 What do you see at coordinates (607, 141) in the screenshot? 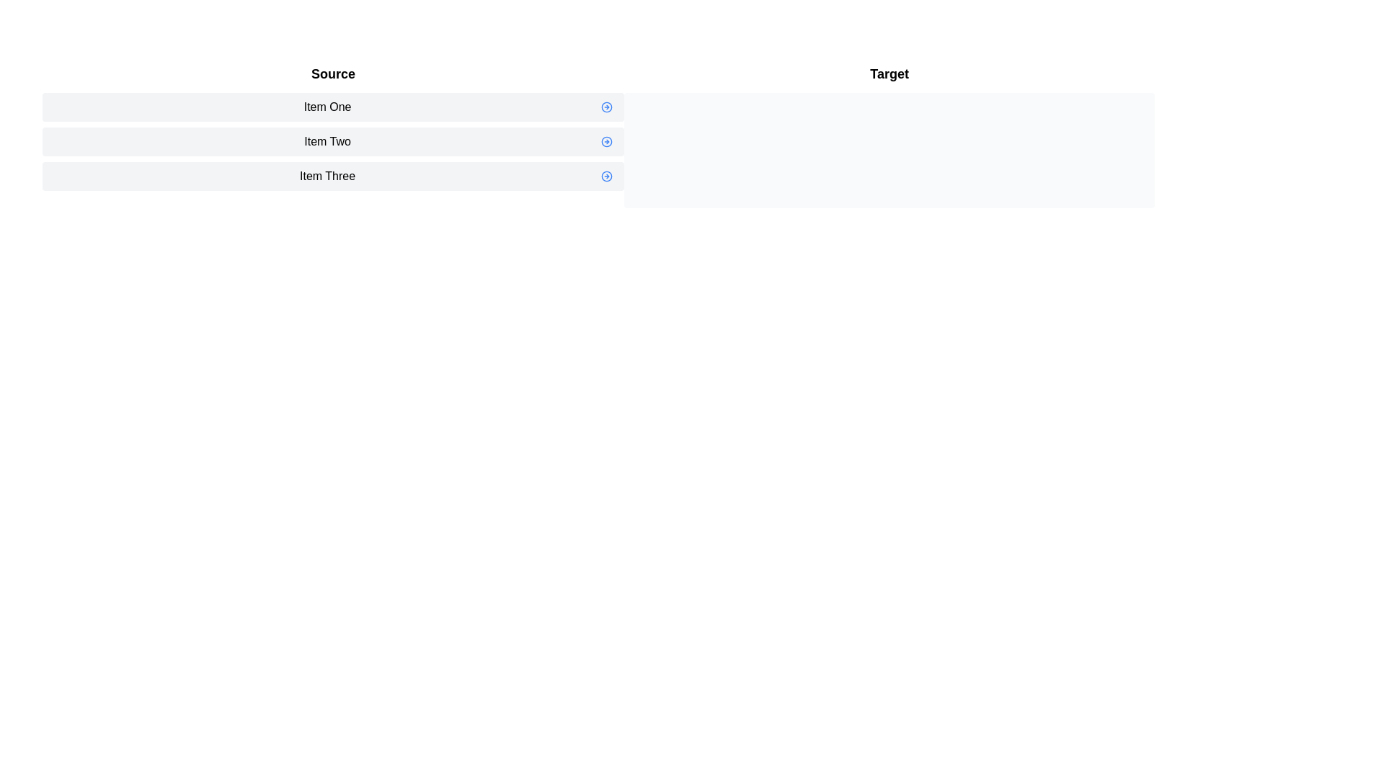
I see `the circular graphic representation within the SVG that is styled with a circular stroke and aligned horizontally next to the text 'Item Two'` at bounding box center [607, 141].